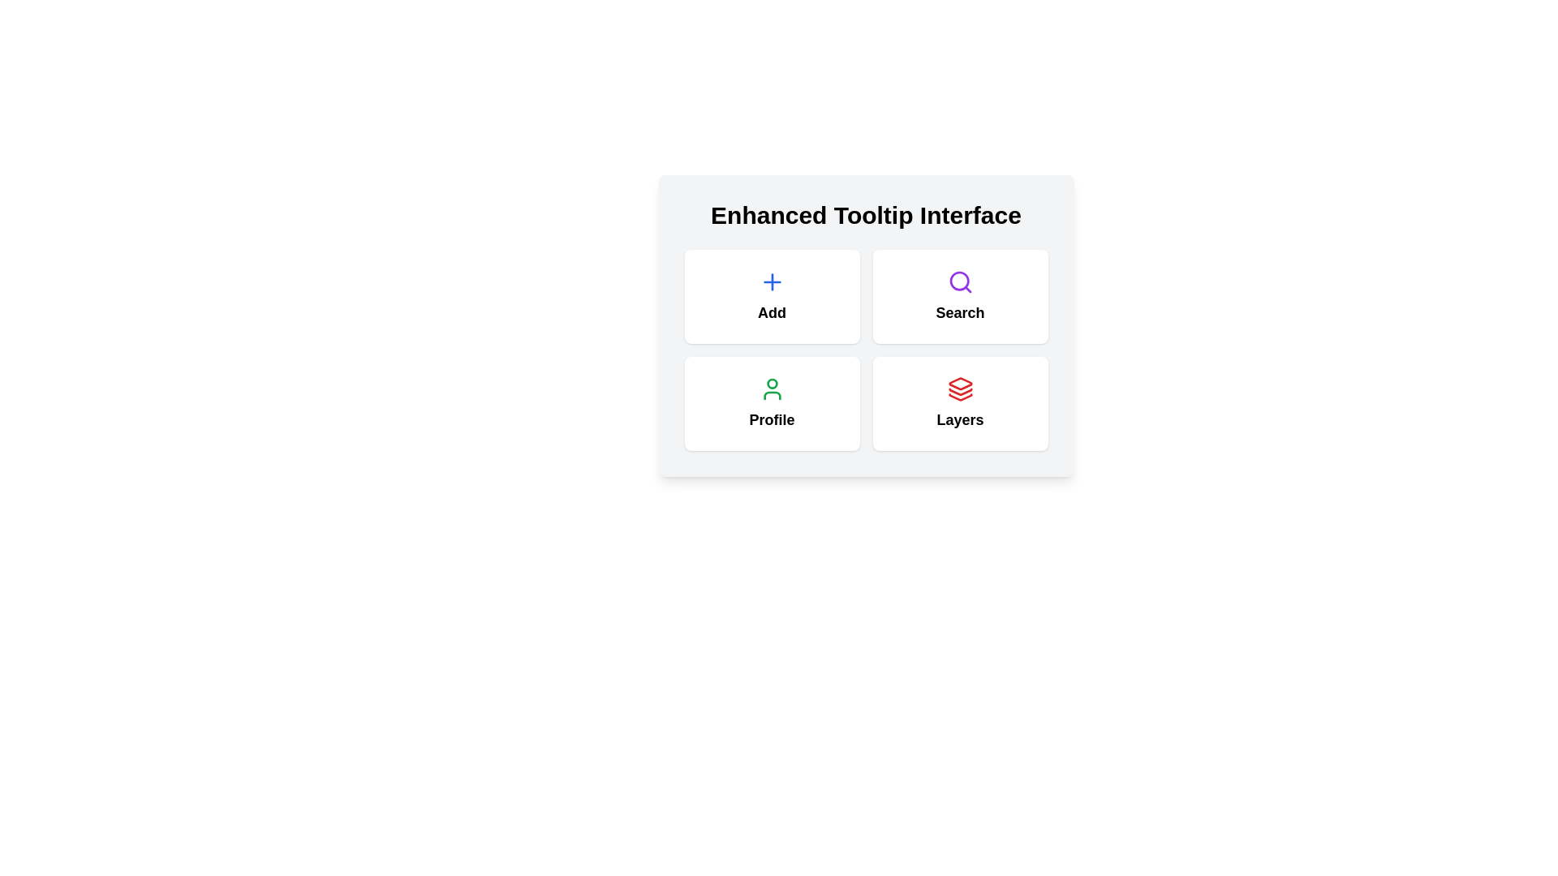  I want to click on text label that describes the 'Search' functionality, located at the bottom of the 'Search' item box, directly below the purple magnifying glass icon in the top-right corner of the grid, so click(960, 312).